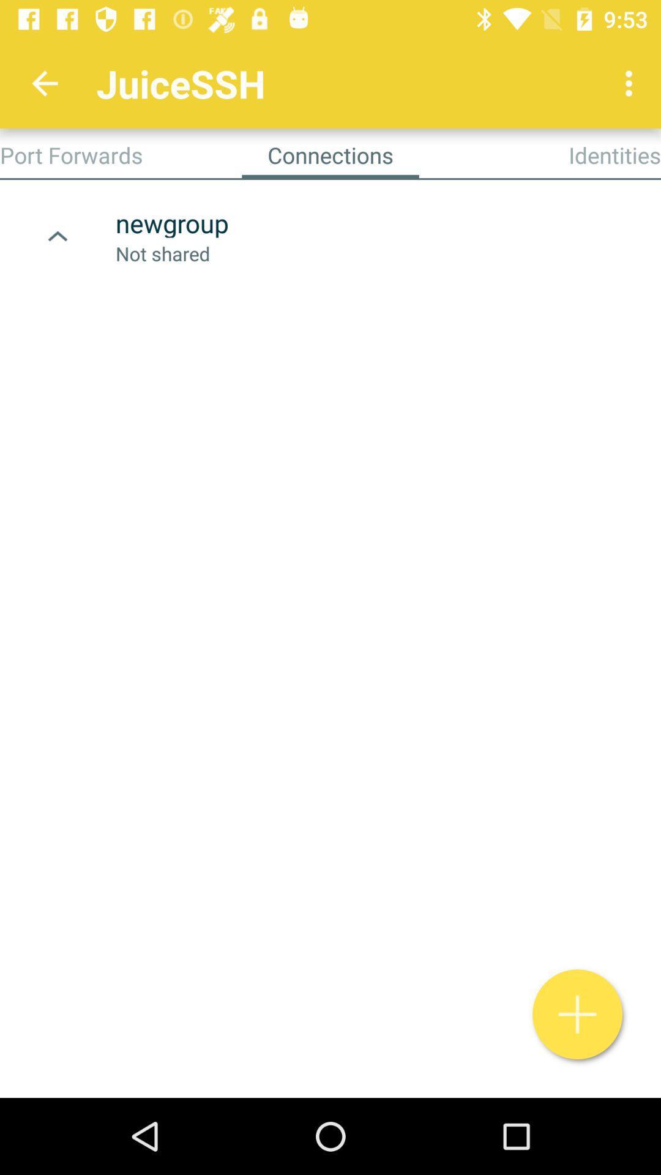 The image size is (661, 1175). Describe the element at coordinates (577, 1014) in the screenshot. I see `the icon below the identities` at that location.